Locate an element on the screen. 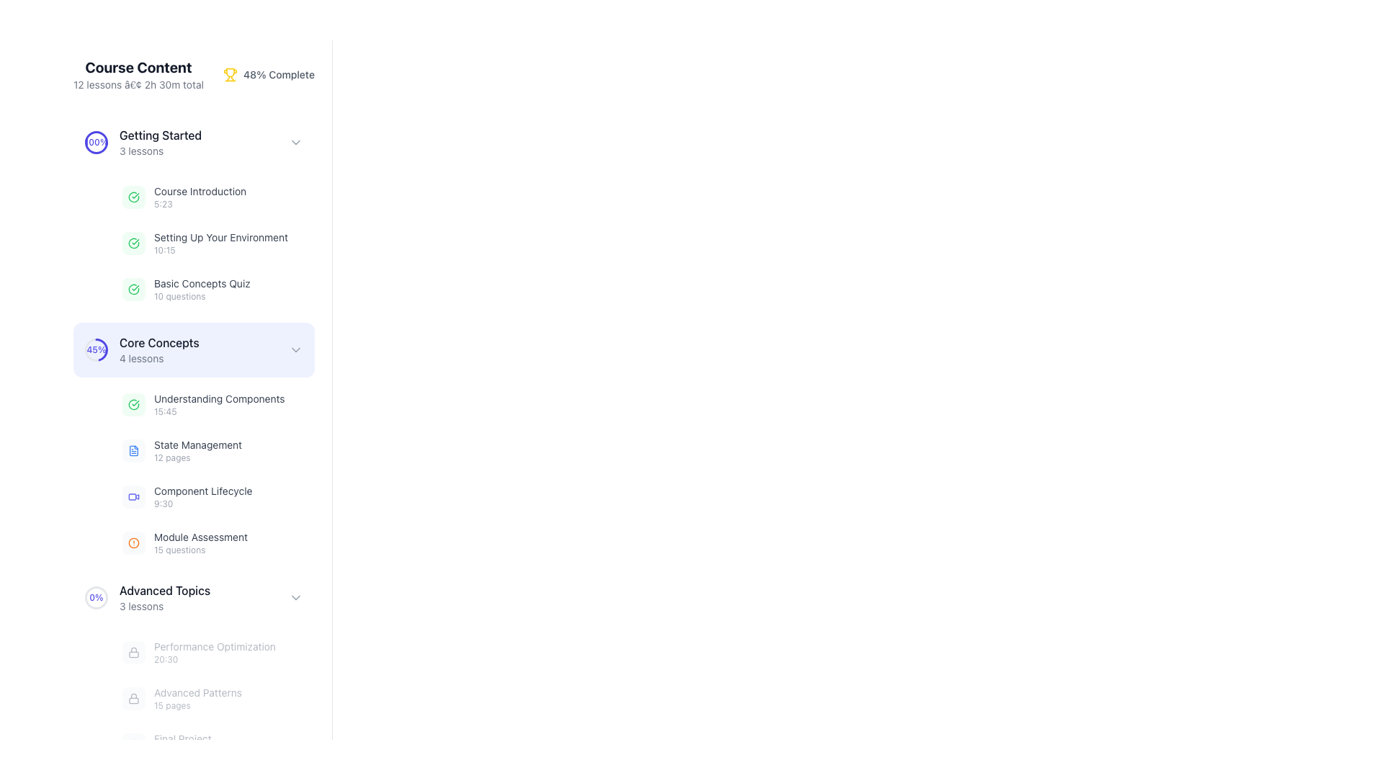  the informational text displaying '12 lessons • 2h 30m total' located below the 'Course Content' title in the left sidebar is located at coordinates (138, 85).